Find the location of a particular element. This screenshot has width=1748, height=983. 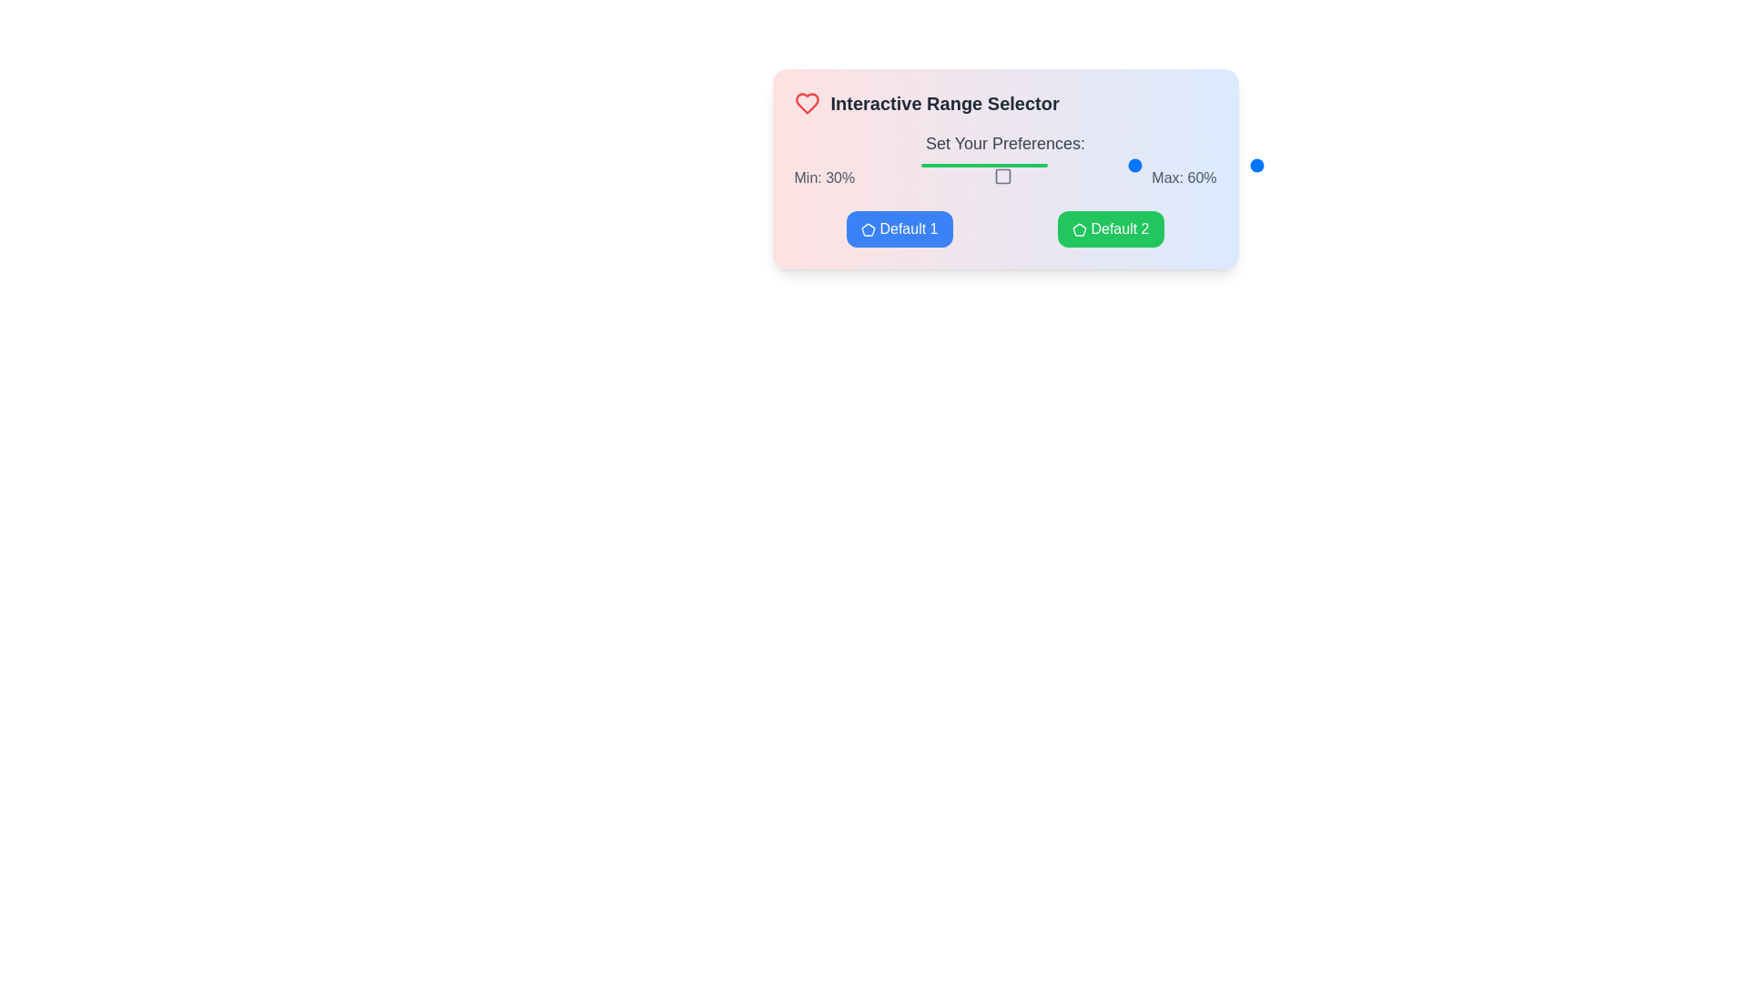

the heart-shaped SVG icon filled with red color, which represents a 'favorites' or 'like' symbol, located to the left of the title text 'Interactive Range Selector' is located at coordinates (806, 104).